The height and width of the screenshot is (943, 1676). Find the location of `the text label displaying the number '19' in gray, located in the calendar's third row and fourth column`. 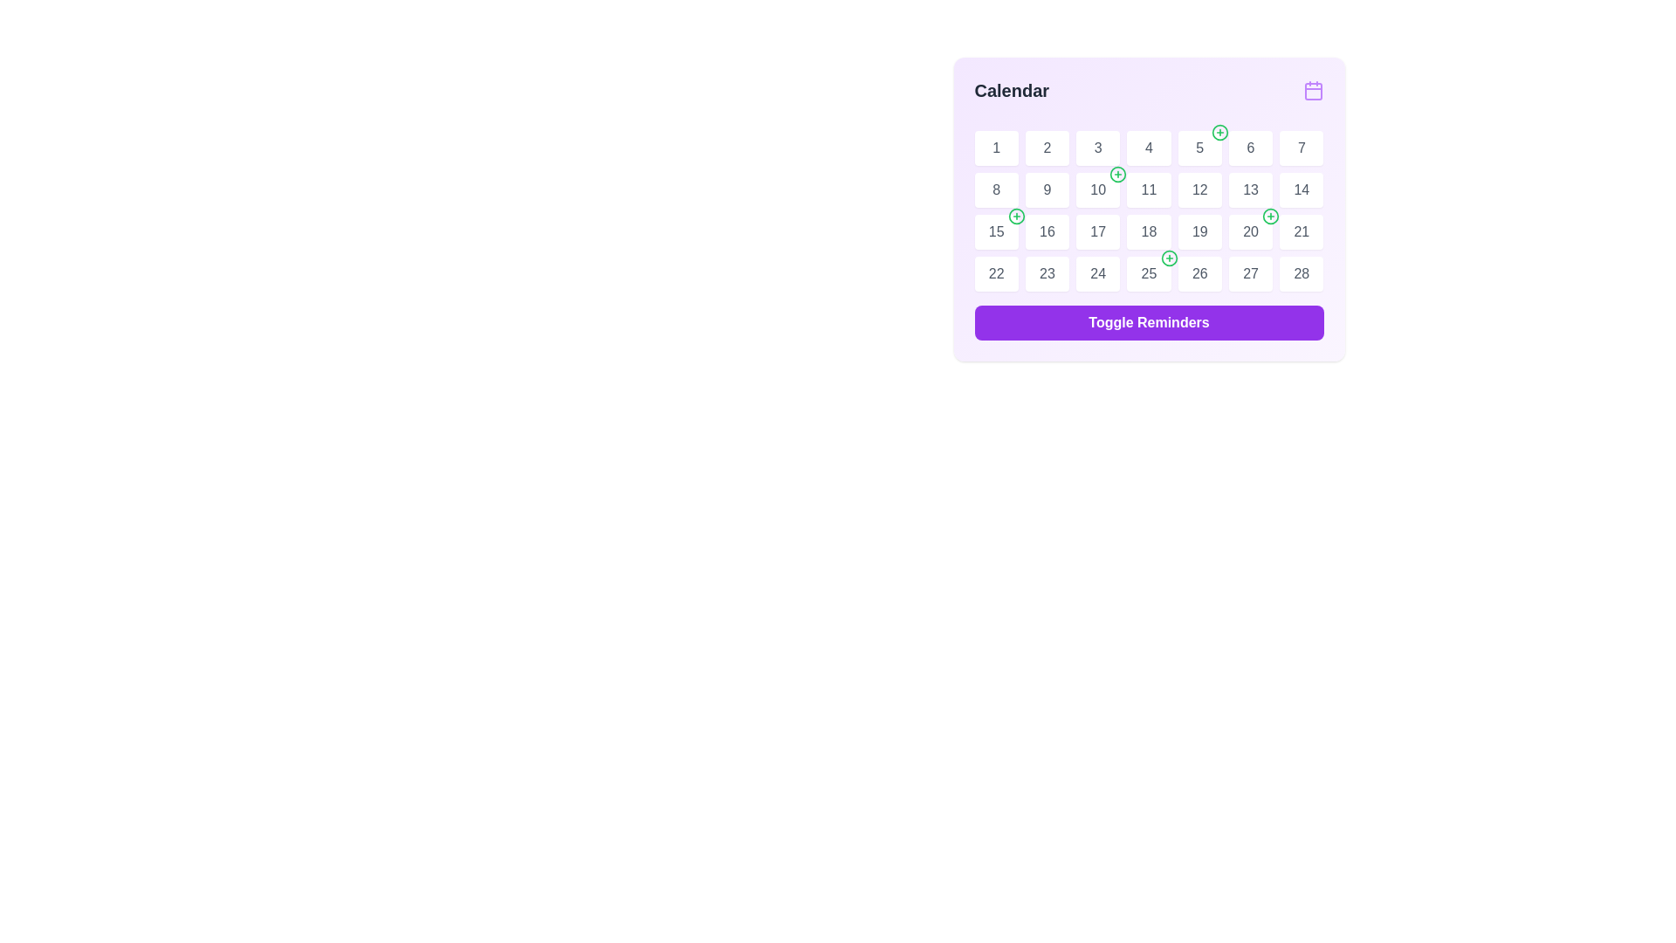

the text label displaying the number '19' in gray, located in the calendar's third row and fourth column is located at coordinates (1199, 231).